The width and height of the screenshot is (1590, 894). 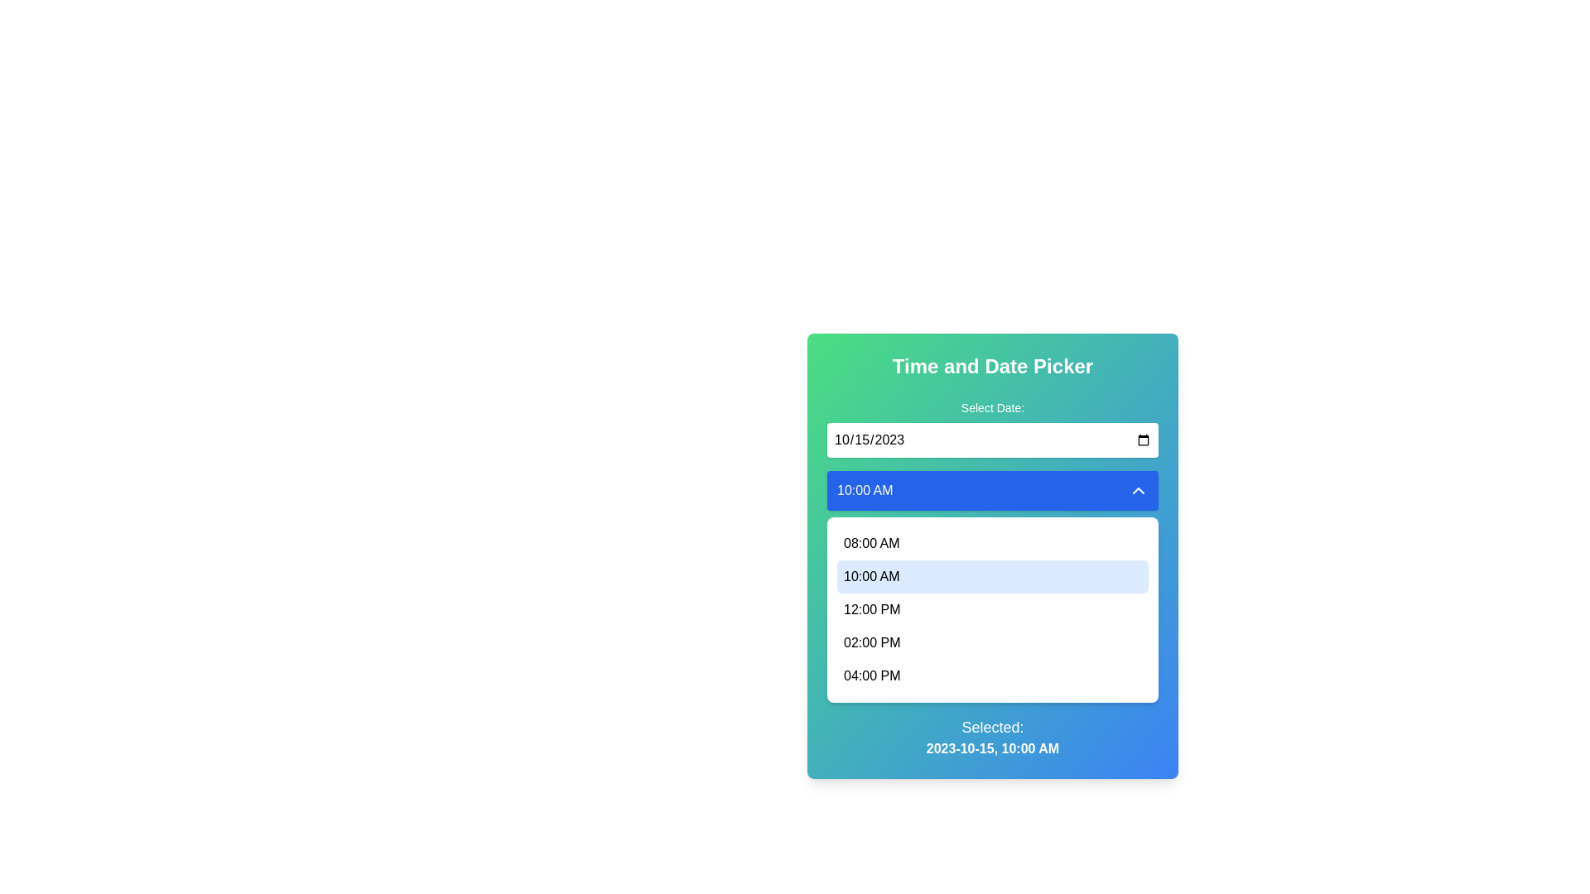 I want to click on the dropdown list item displaying '12:00 PM' in the Time and Date Picker panel, so click(x=871, y=609).